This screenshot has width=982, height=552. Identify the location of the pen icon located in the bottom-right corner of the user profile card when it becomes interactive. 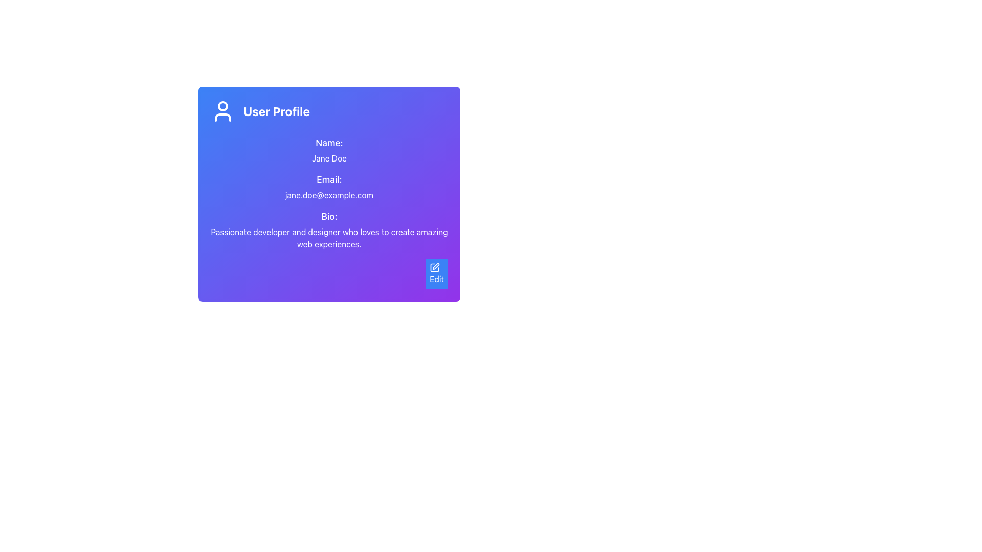
(435, 265).